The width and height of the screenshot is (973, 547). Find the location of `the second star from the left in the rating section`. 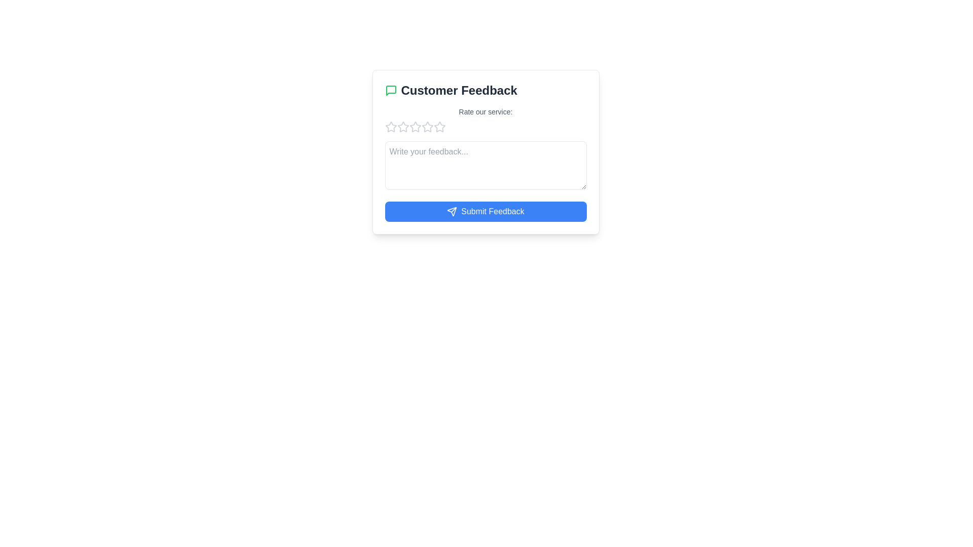

the second star from the left in the rating section is located at coordinates (415, 126).